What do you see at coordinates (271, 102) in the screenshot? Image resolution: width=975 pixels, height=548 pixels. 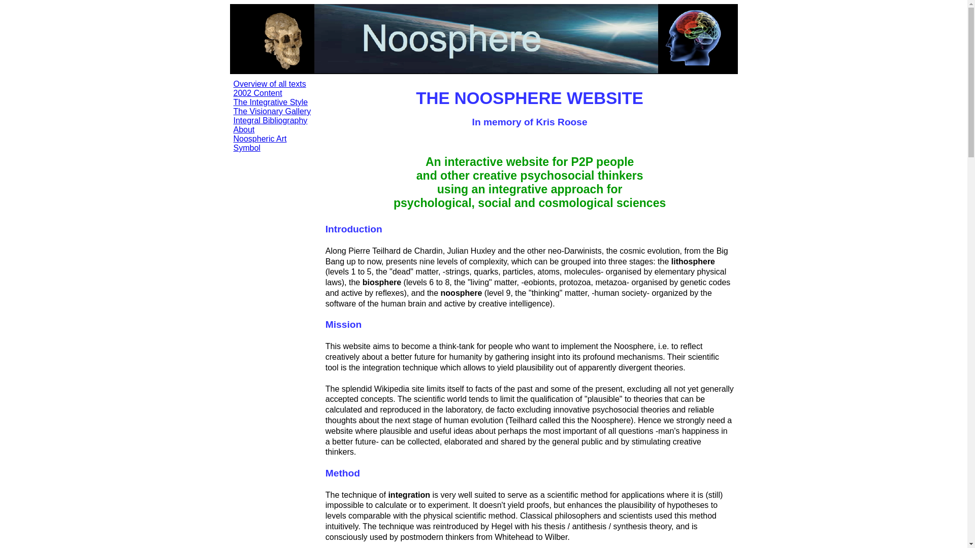 I see `'The Integrative Style'` at bounding box center [271, 102].